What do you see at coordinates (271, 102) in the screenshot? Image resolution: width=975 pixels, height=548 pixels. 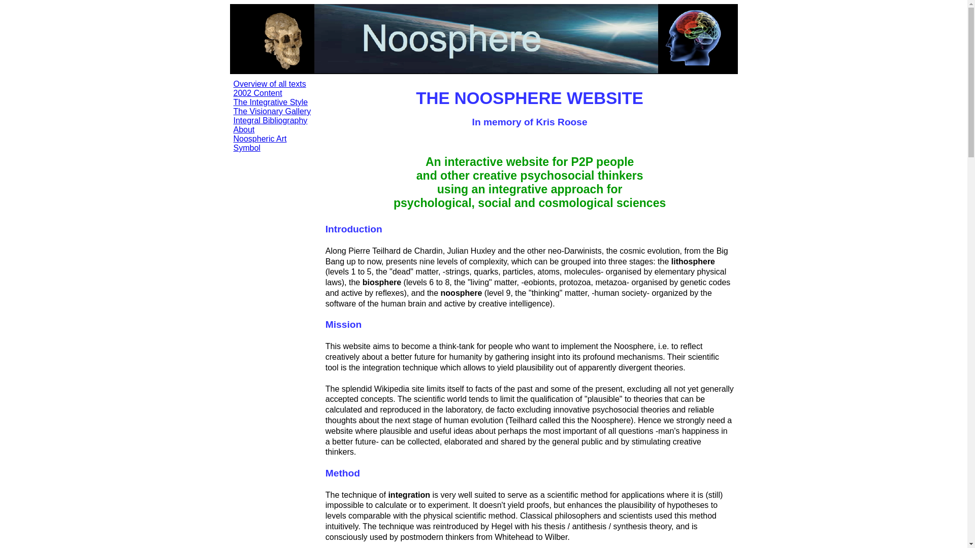 I see `'The Integrative Style'` at bounding box center [271, 102].